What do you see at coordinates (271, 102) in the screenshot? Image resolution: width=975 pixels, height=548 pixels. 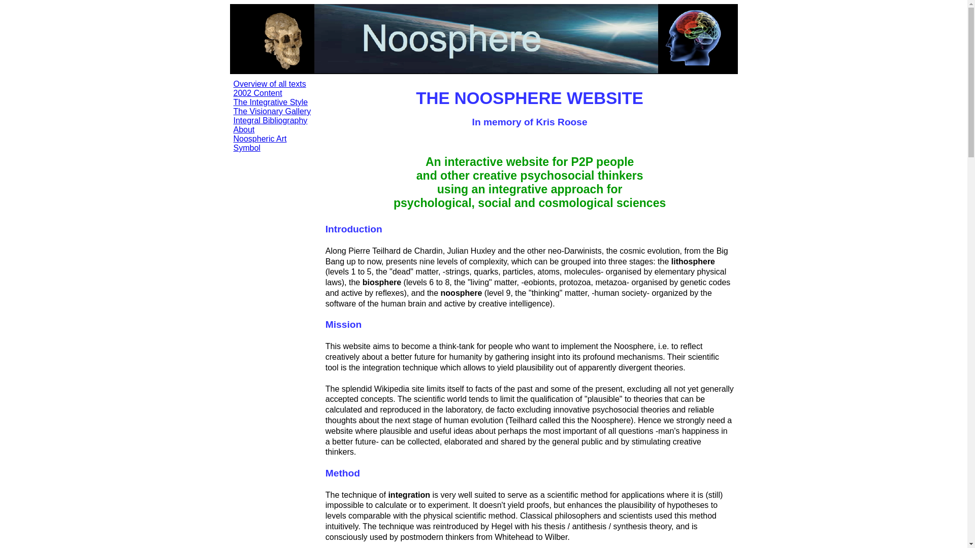 I see `'The Integrative Style'` at bounding box center [271, 102].